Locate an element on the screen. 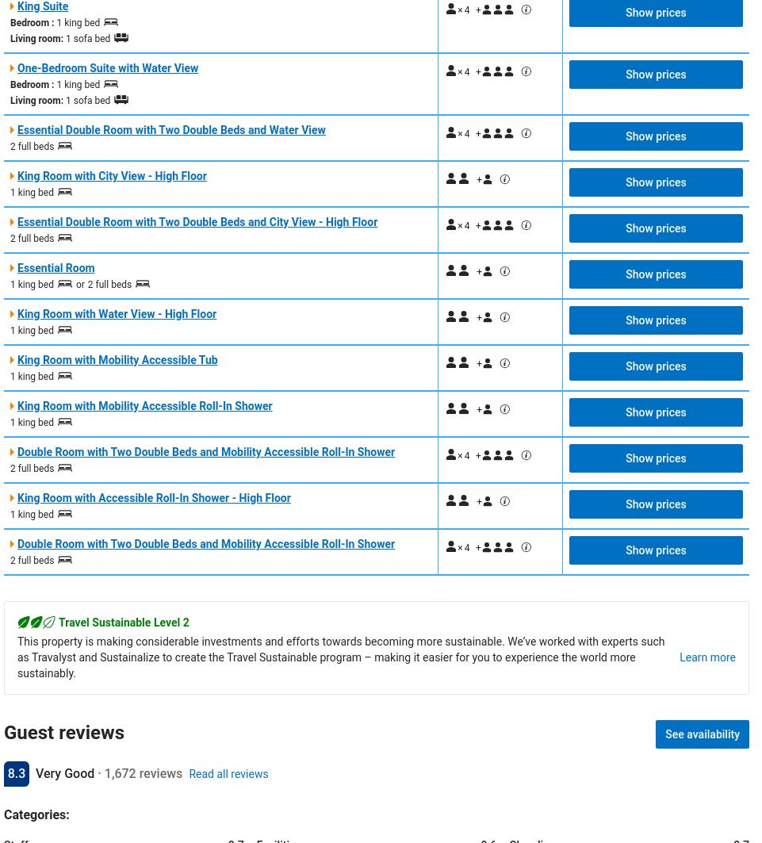 The image size is (762, 843). 'Essential Room' is located at coordinates (56, 266).